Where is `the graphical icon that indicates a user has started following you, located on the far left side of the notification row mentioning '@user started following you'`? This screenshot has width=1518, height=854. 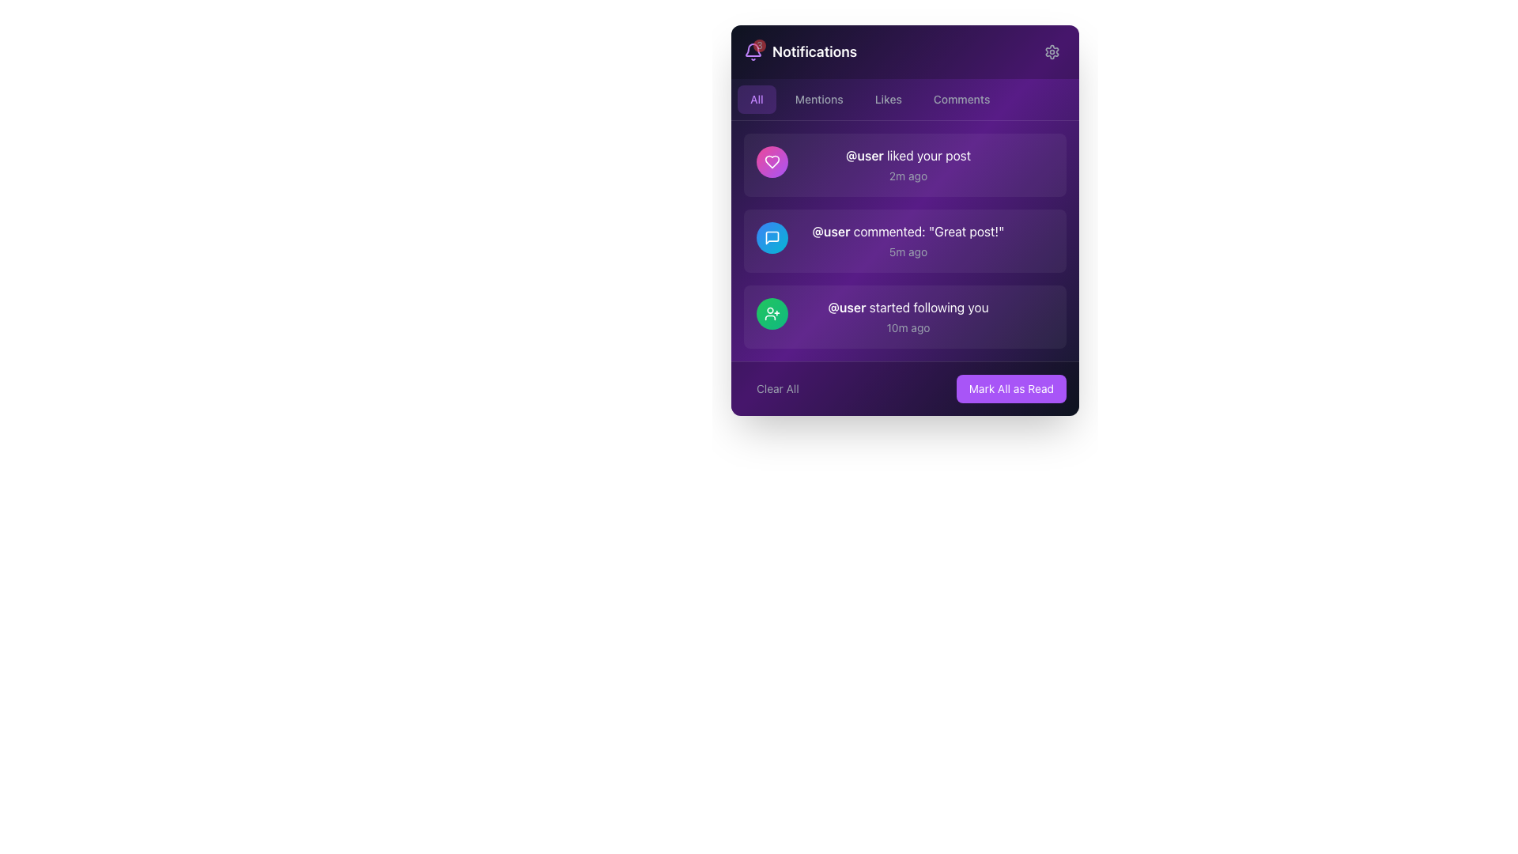
the graphical icon that indicates a user has started following you, located on the far left side of the notification row mentioning '@user started following you' is located at coordinates (772, 314).